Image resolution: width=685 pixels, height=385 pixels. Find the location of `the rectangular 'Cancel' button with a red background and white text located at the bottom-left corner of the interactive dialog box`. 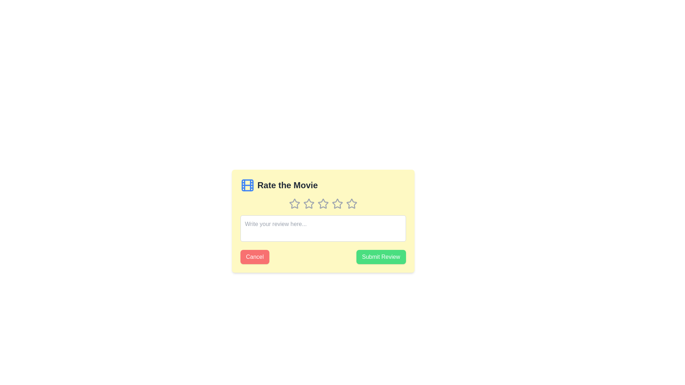

the rectangular 'Cancel' button with a red background and white text located at the bottom-left corner of the interactive dialog box is located at coordinates (255, 257).